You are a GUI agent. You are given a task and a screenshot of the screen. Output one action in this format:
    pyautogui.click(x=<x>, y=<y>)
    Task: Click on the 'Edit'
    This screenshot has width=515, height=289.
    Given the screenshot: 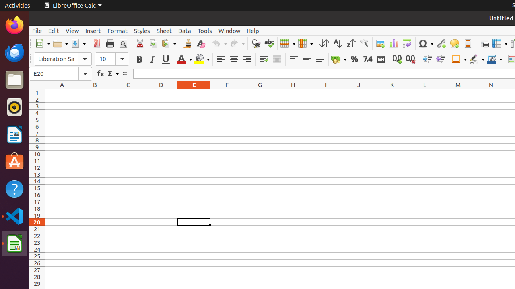 What is the action you would take?
    pyautogui.click(x=53, y=30)
    